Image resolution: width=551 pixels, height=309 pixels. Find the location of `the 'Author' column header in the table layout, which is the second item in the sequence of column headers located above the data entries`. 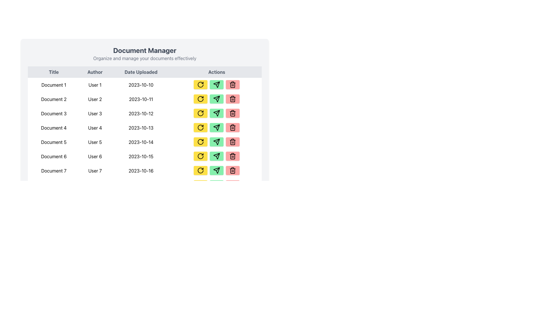

the 'Author' column header in the table layout, which is the second item in the sequence of column headers located above the data entries is located at coordinates (95, 72).